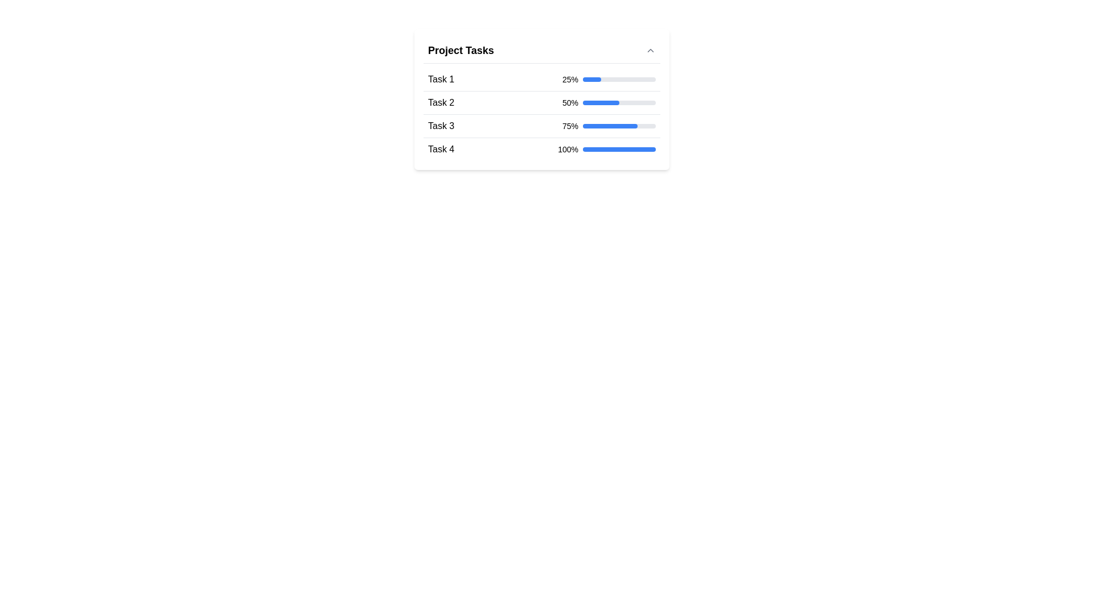 The height and width of the screenshot is (614, 1093). What do you see at coordinates (609, 103) in the screenshot?
I see `the progress value of the horizontal progress bar labeled '50%' in the second row of the task list widget, which indicates a completion value of 50%` at bounding box center [609, 103].